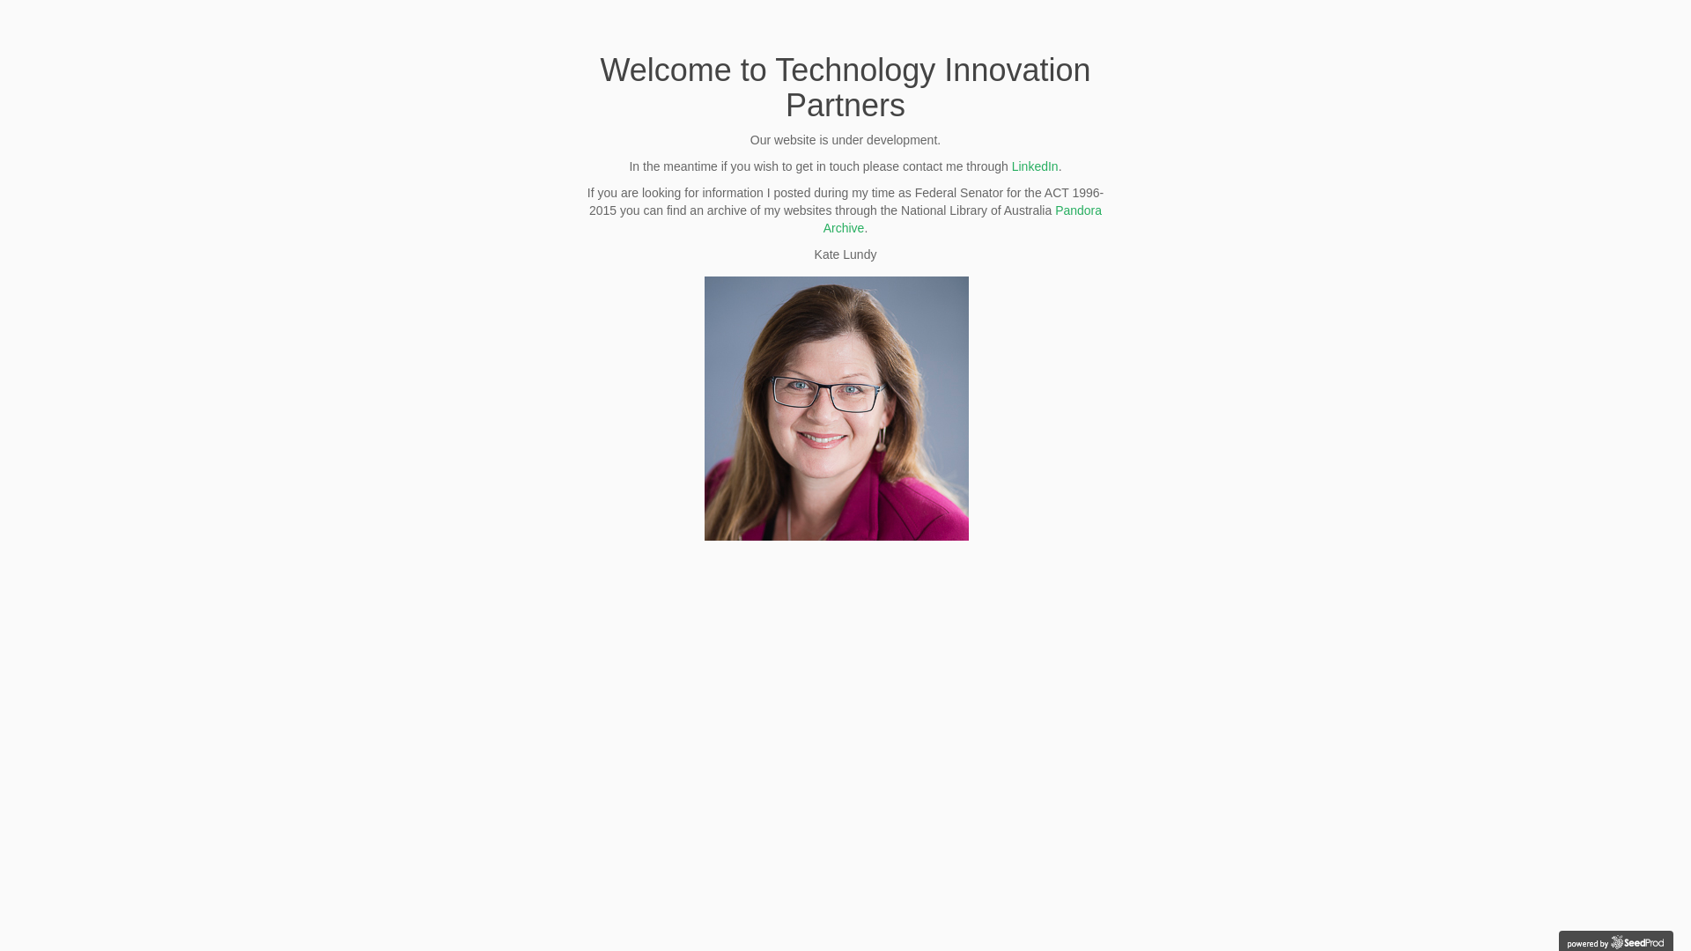  What do you see at coordinates (1035, 166) in the screenshot?
I see `'LinkedIn'` at bounding box center [1035, 166].